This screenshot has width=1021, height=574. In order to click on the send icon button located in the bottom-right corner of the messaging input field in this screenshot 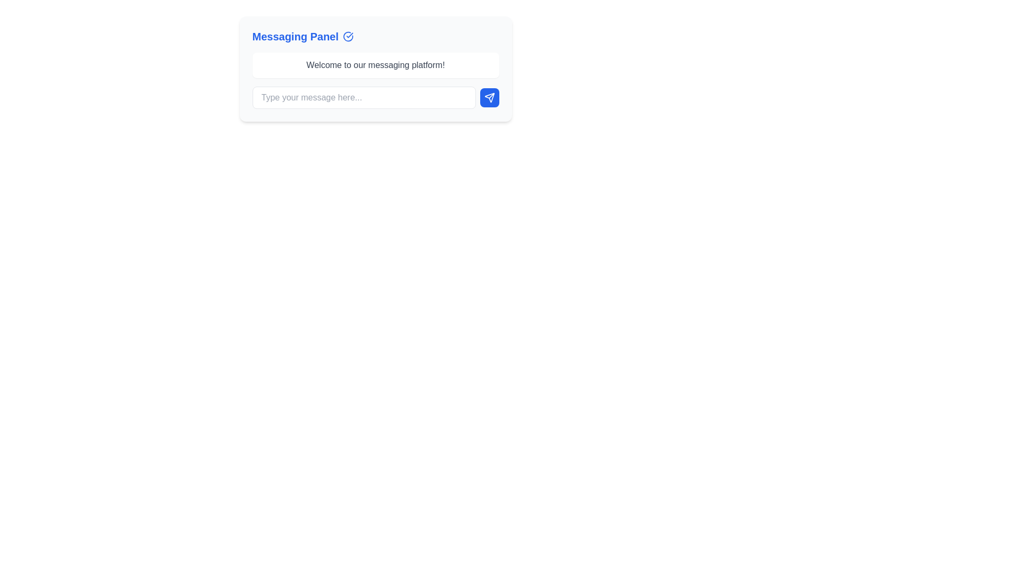, I will do `click(489, 98)`.